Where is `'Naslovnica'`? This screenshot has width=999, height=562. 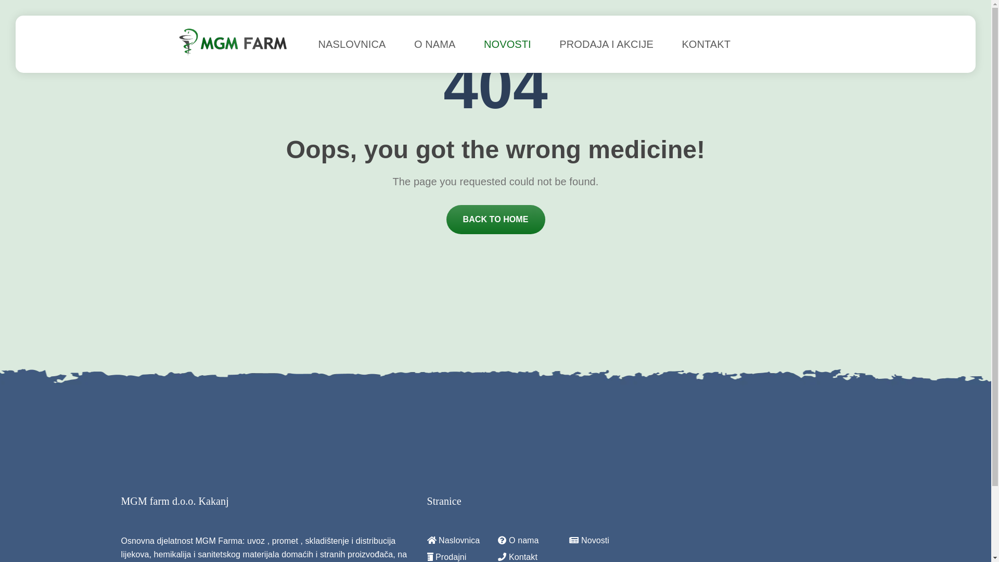 'Naslovnica' is located at coordinates (427, 540).